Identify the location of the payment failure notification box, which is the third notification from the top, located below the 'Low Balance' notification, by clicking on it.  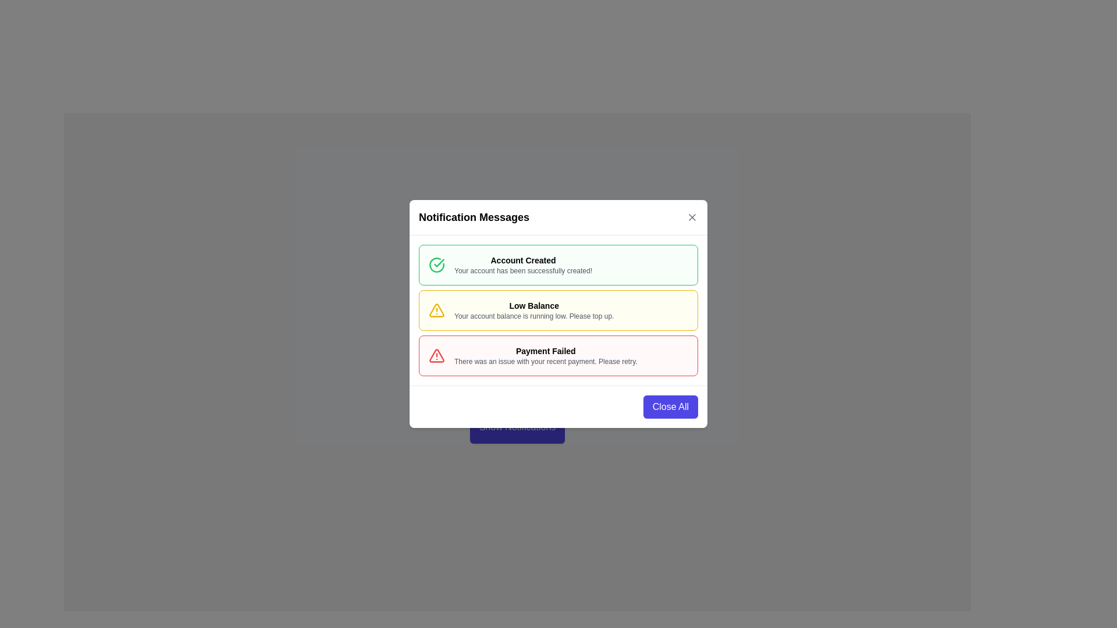
(558, 355).